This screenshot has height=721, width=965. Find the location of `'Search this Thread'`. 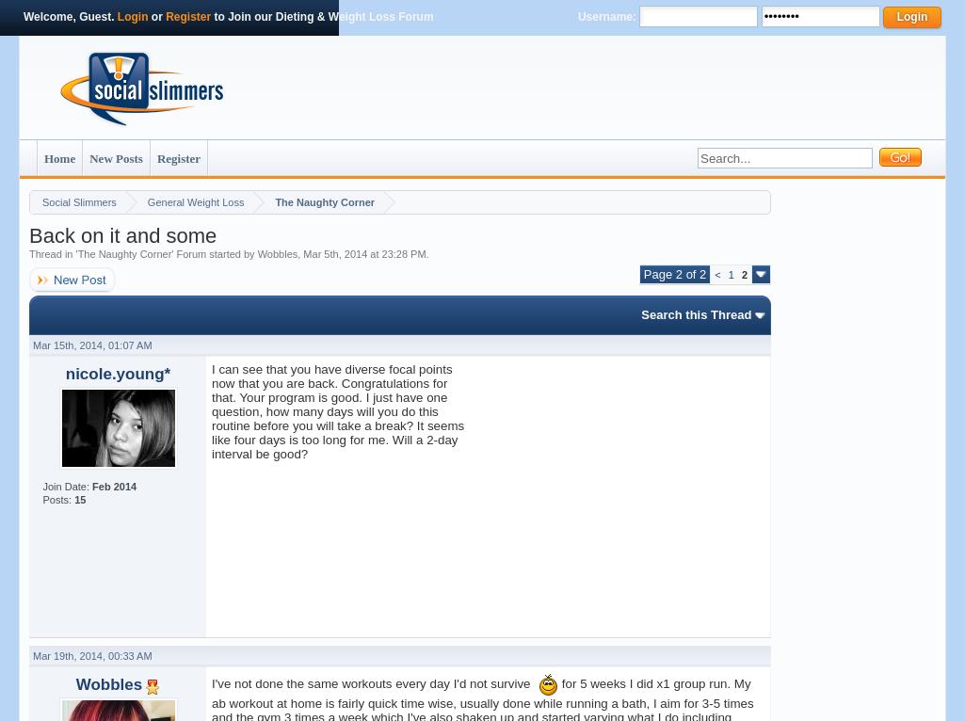

'Search this Thread' is located at coordinates (695, 313).